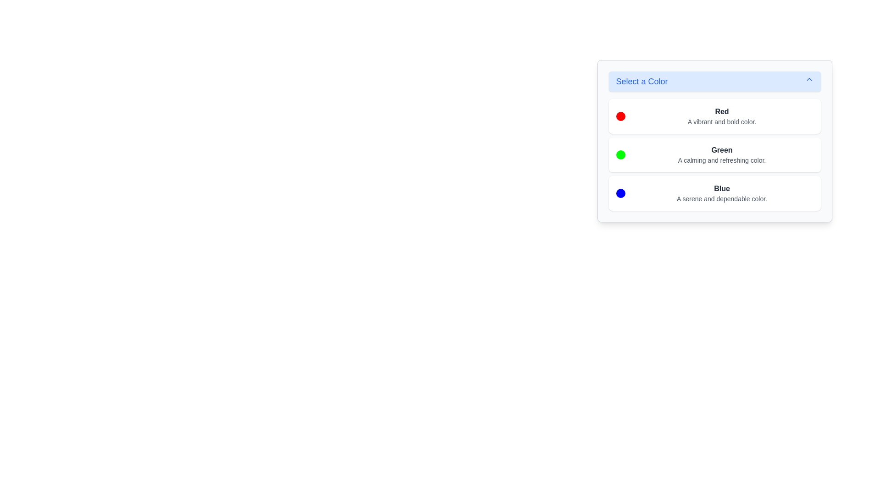 This screenshot has height=495, width=881. I want to click on the color indicator for the 'Green' option, which is a circular element located at the leftmost section of the row representing 'Green' in the color selection list, so click(620, 154).